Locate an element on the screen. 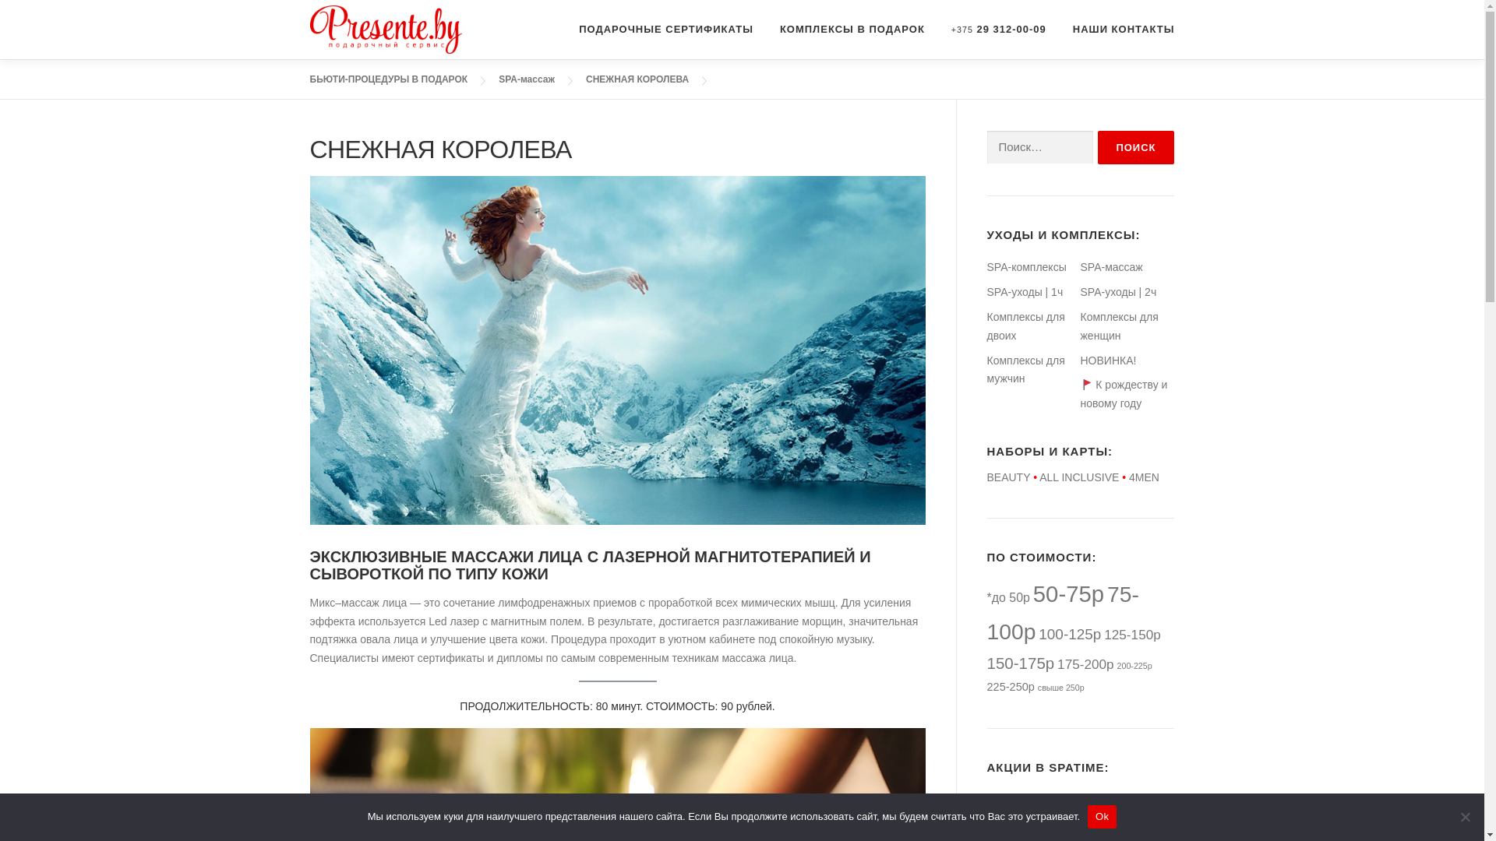 The image size is (1496, 841). 'Ok' is located at coordinates (1101, 816).